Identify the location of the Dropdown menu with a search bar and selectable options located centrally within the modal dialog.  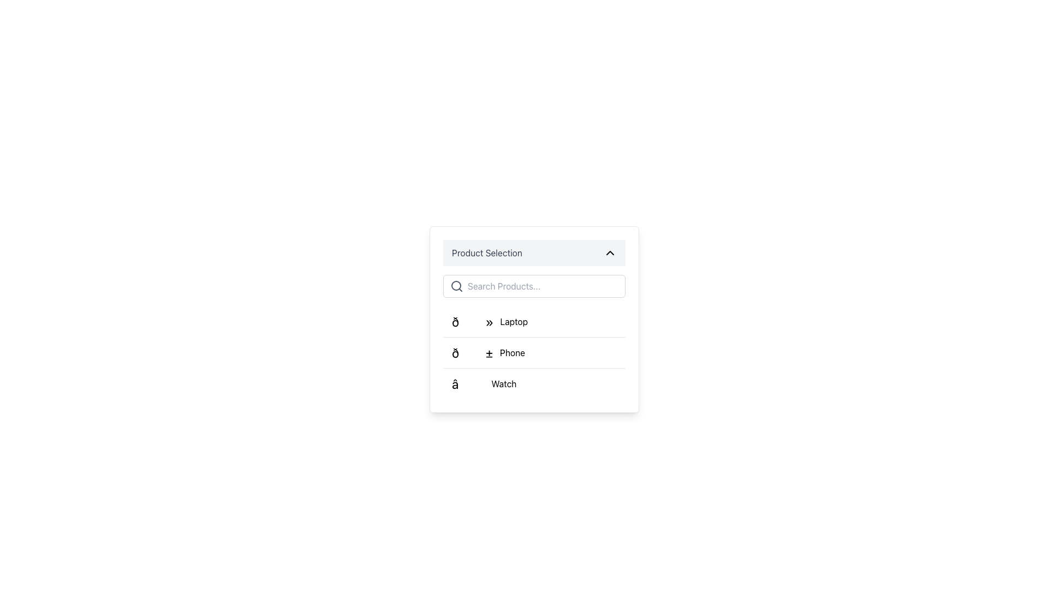
(534, 319).